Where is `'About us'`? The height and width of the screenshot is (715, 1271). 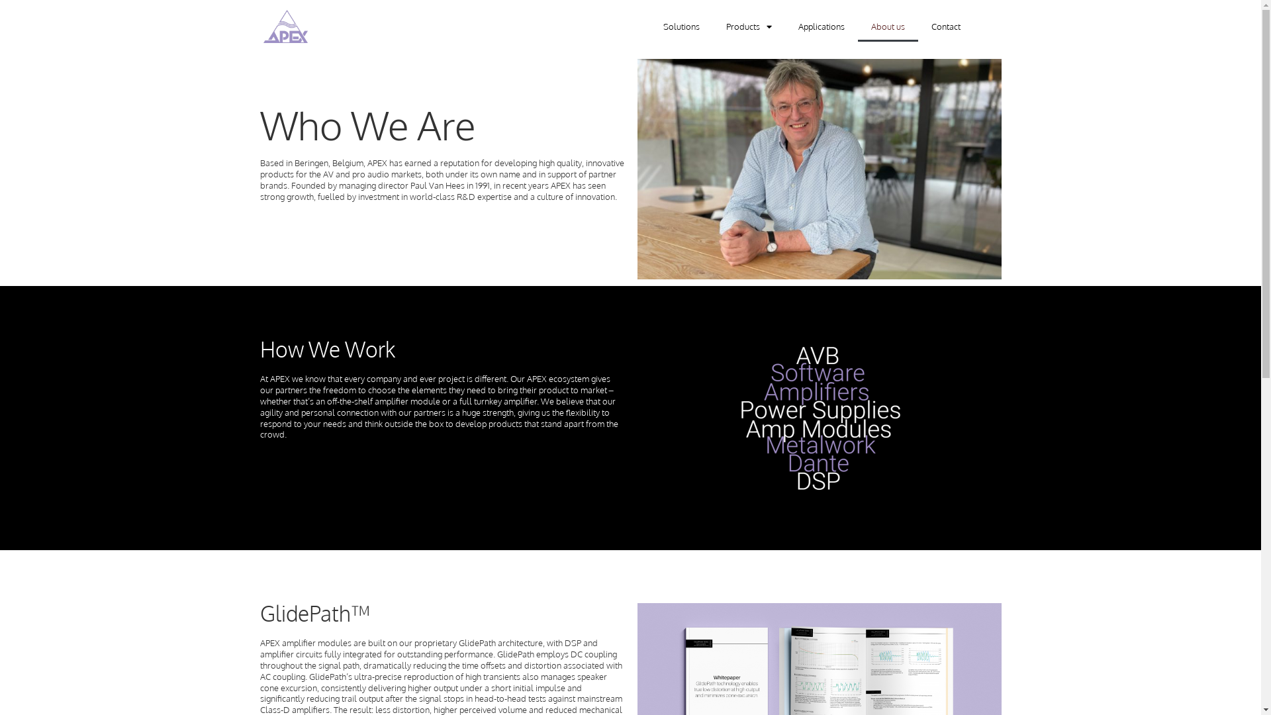
'About us' is located at coordinates (888, 26).